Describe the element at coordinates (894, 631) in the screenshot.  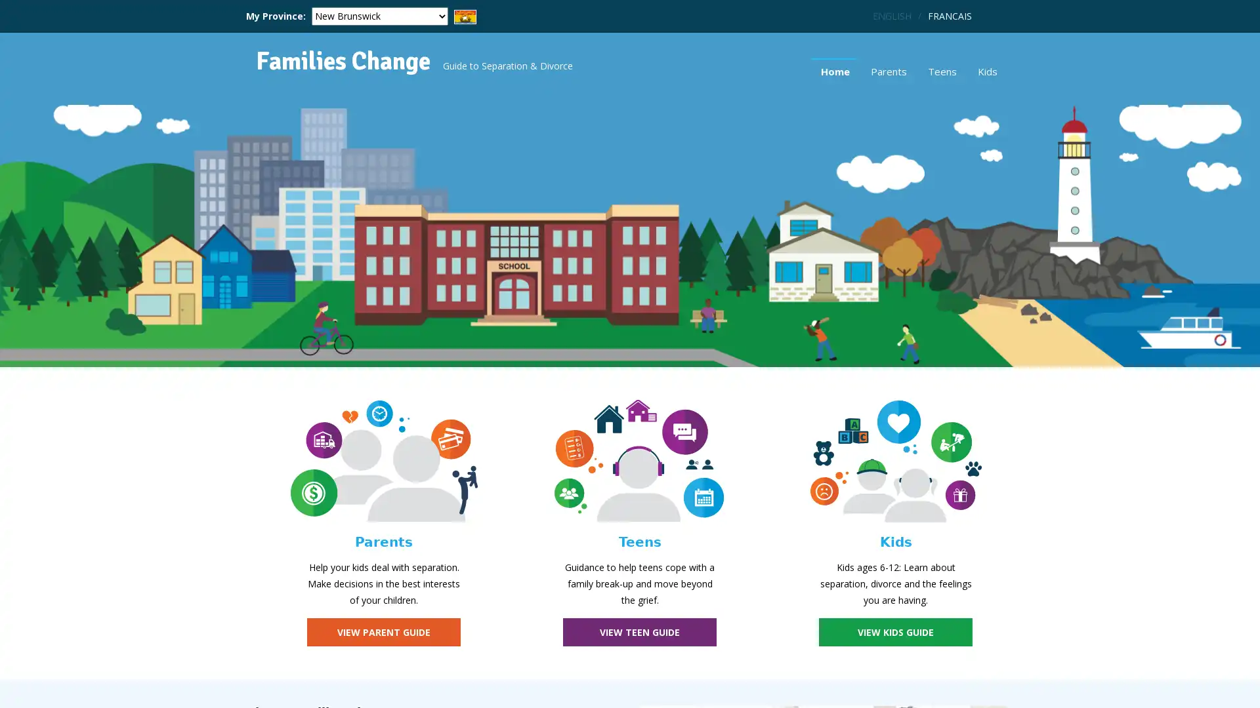
I see `VIEW KIDS GUIDE` at that location.